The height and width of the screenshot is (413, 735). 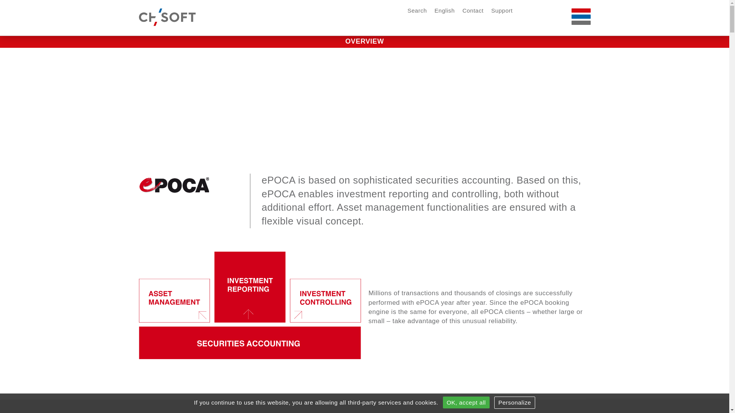 What do you see at coordinates (444, 10) in the screenshot?
I see `'English'` at bounding box center [444, 10].